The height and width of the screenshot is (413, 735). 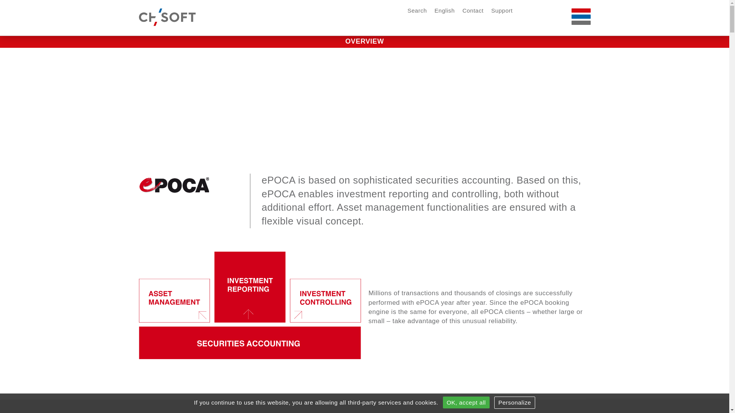 What do you see at coordinates (444, 10) in the screenshot?
I see `'English'` at bounding box center [444, 10].